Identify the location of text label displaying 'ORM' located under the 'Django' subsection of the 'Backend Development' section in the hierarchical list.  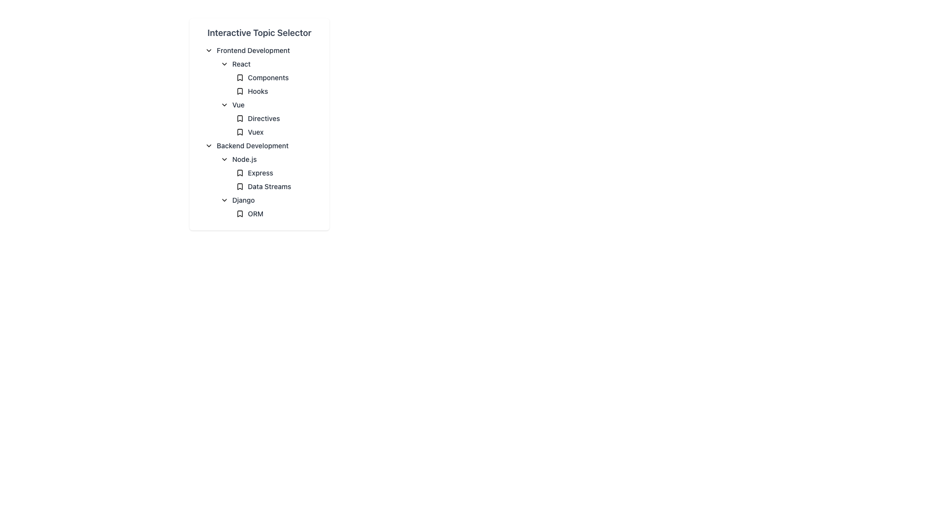
(256, 213).